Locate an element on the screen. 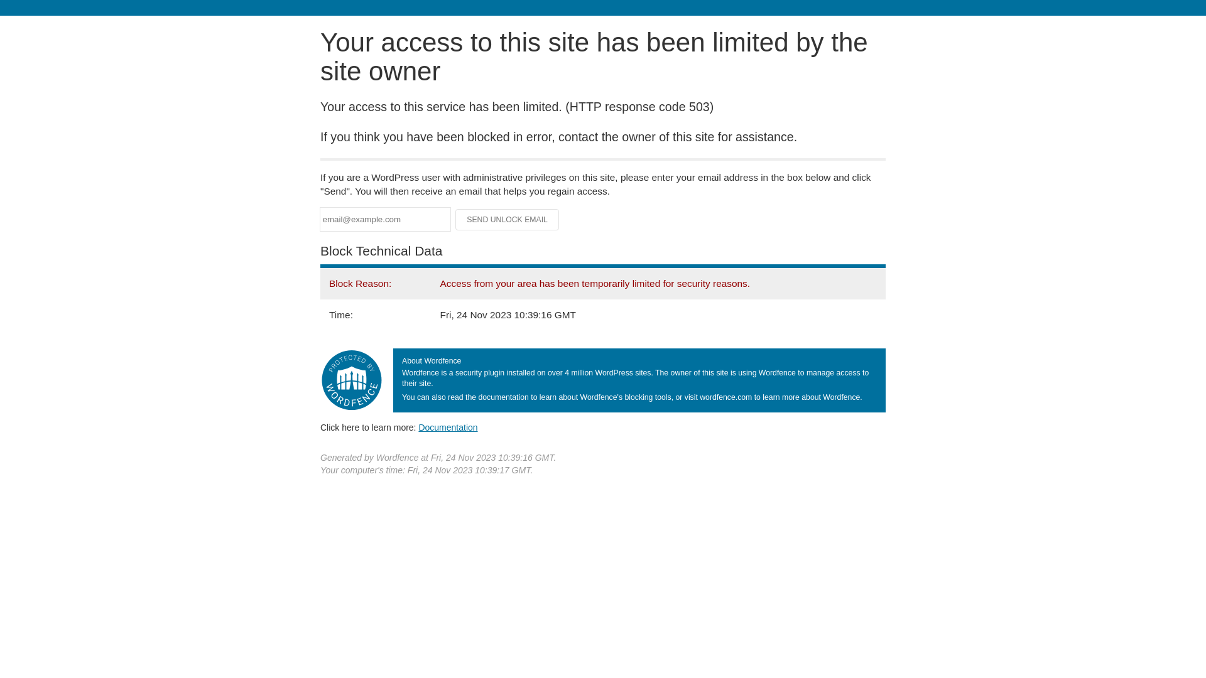 This screenshot has width=1206, height=678. 'Send Unlock Email' is located at coordinates (507, 219).